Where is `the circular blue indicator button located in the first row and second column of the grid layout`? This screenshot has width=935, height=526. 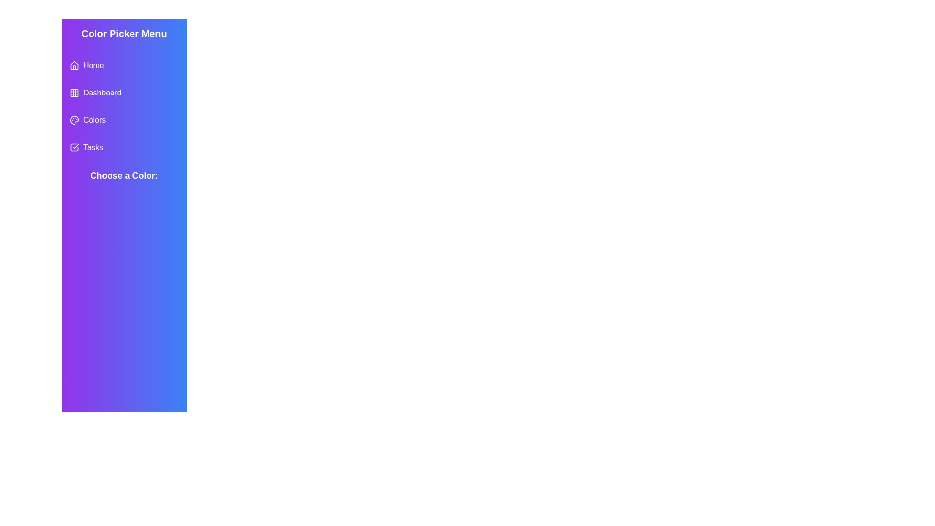
the circular blue indicator button located in the first row and second column of the grid layout is located at coordinates (117, 196).